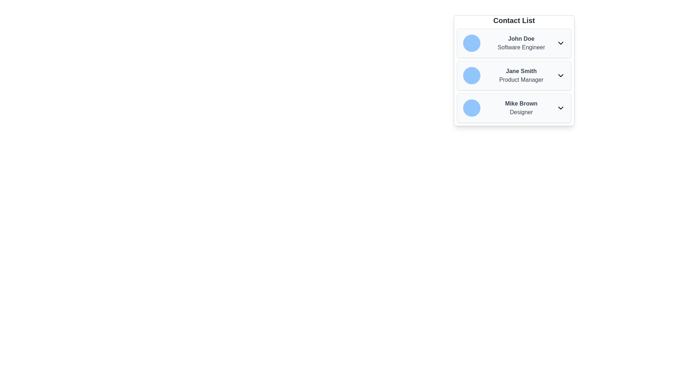  Describe the element at coordinates (514, 75) in the screenshot. I see `the second contact card in the Contact List` at that location.